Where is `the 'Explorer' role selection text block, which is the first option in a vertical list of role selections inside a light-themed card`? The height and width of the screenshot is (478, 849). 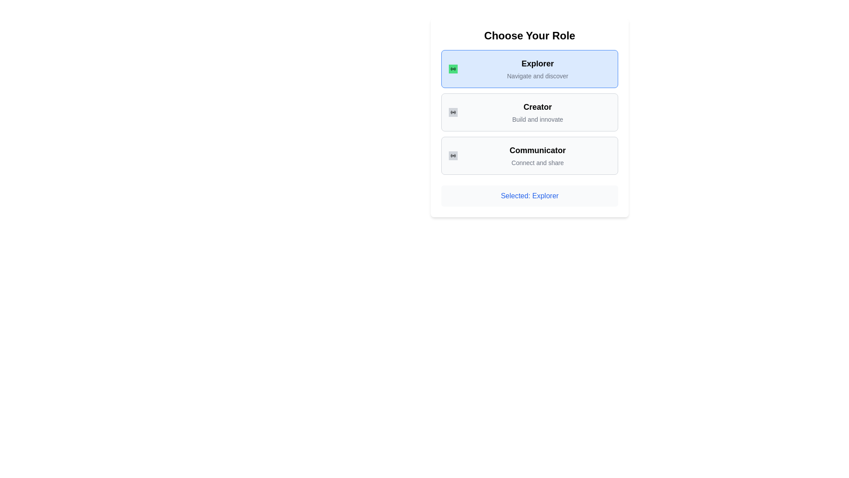 the 'Explorer' role selection text block, which is the first option in a vertical list of role selections inside a light-themed card is located at coordinates (537, 68).